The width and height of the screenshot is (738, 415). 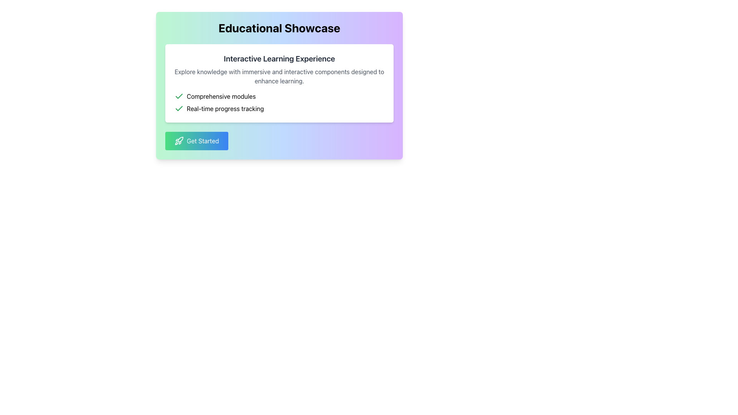 What do you see at coordinates (279, 58) in the screenshot?
I see `the Text Label located at the top of the white card, which summarizes the section below` at bounding box center [279, 58].